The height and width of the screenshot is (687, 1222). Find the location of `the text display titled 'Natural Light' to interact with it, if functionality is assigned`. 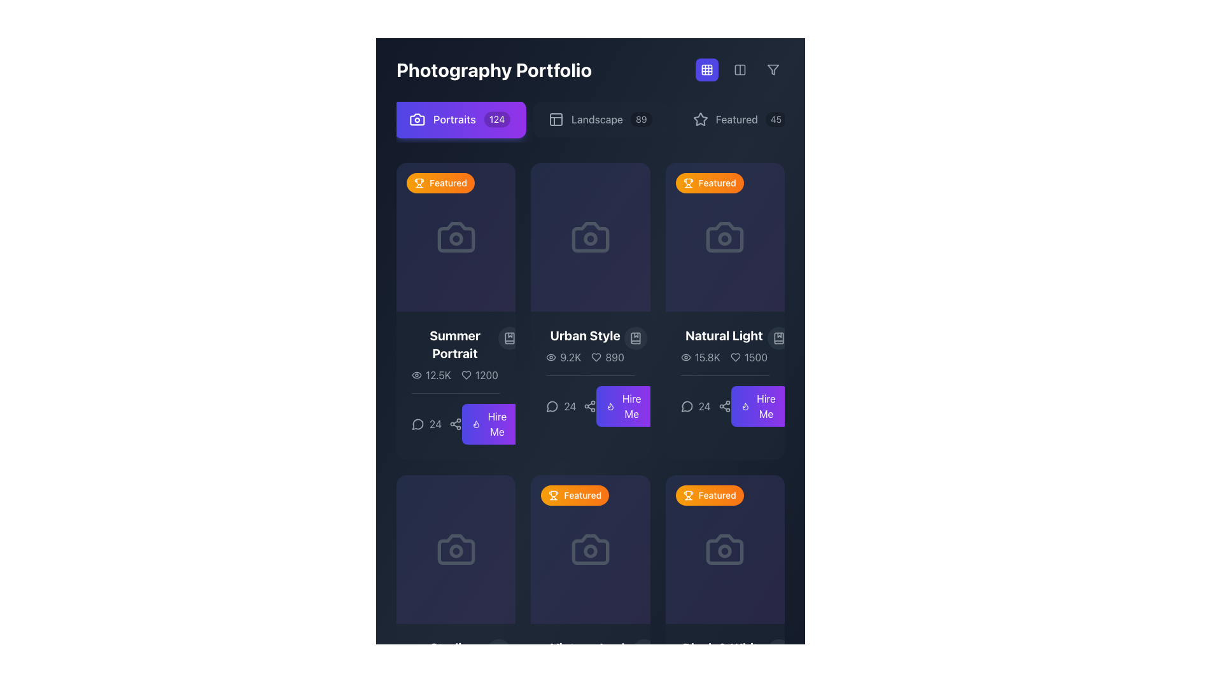

the text display titled 'Natural Light' to interact with it, if functionality is assigned is located at coordinates (724, 346).